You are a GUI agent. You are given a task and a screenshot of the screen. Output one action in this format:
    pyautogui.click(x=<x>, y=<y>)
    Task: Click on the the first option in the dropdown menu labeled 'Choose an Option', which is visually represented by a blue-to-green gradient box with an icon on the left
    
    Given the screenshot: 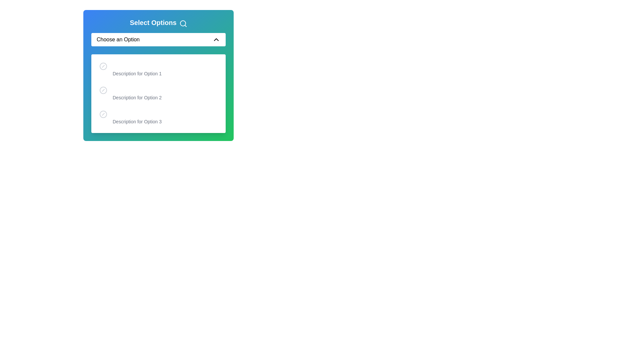 What is the action you would take?
    pyautogui.click(x=158, y=75)
    